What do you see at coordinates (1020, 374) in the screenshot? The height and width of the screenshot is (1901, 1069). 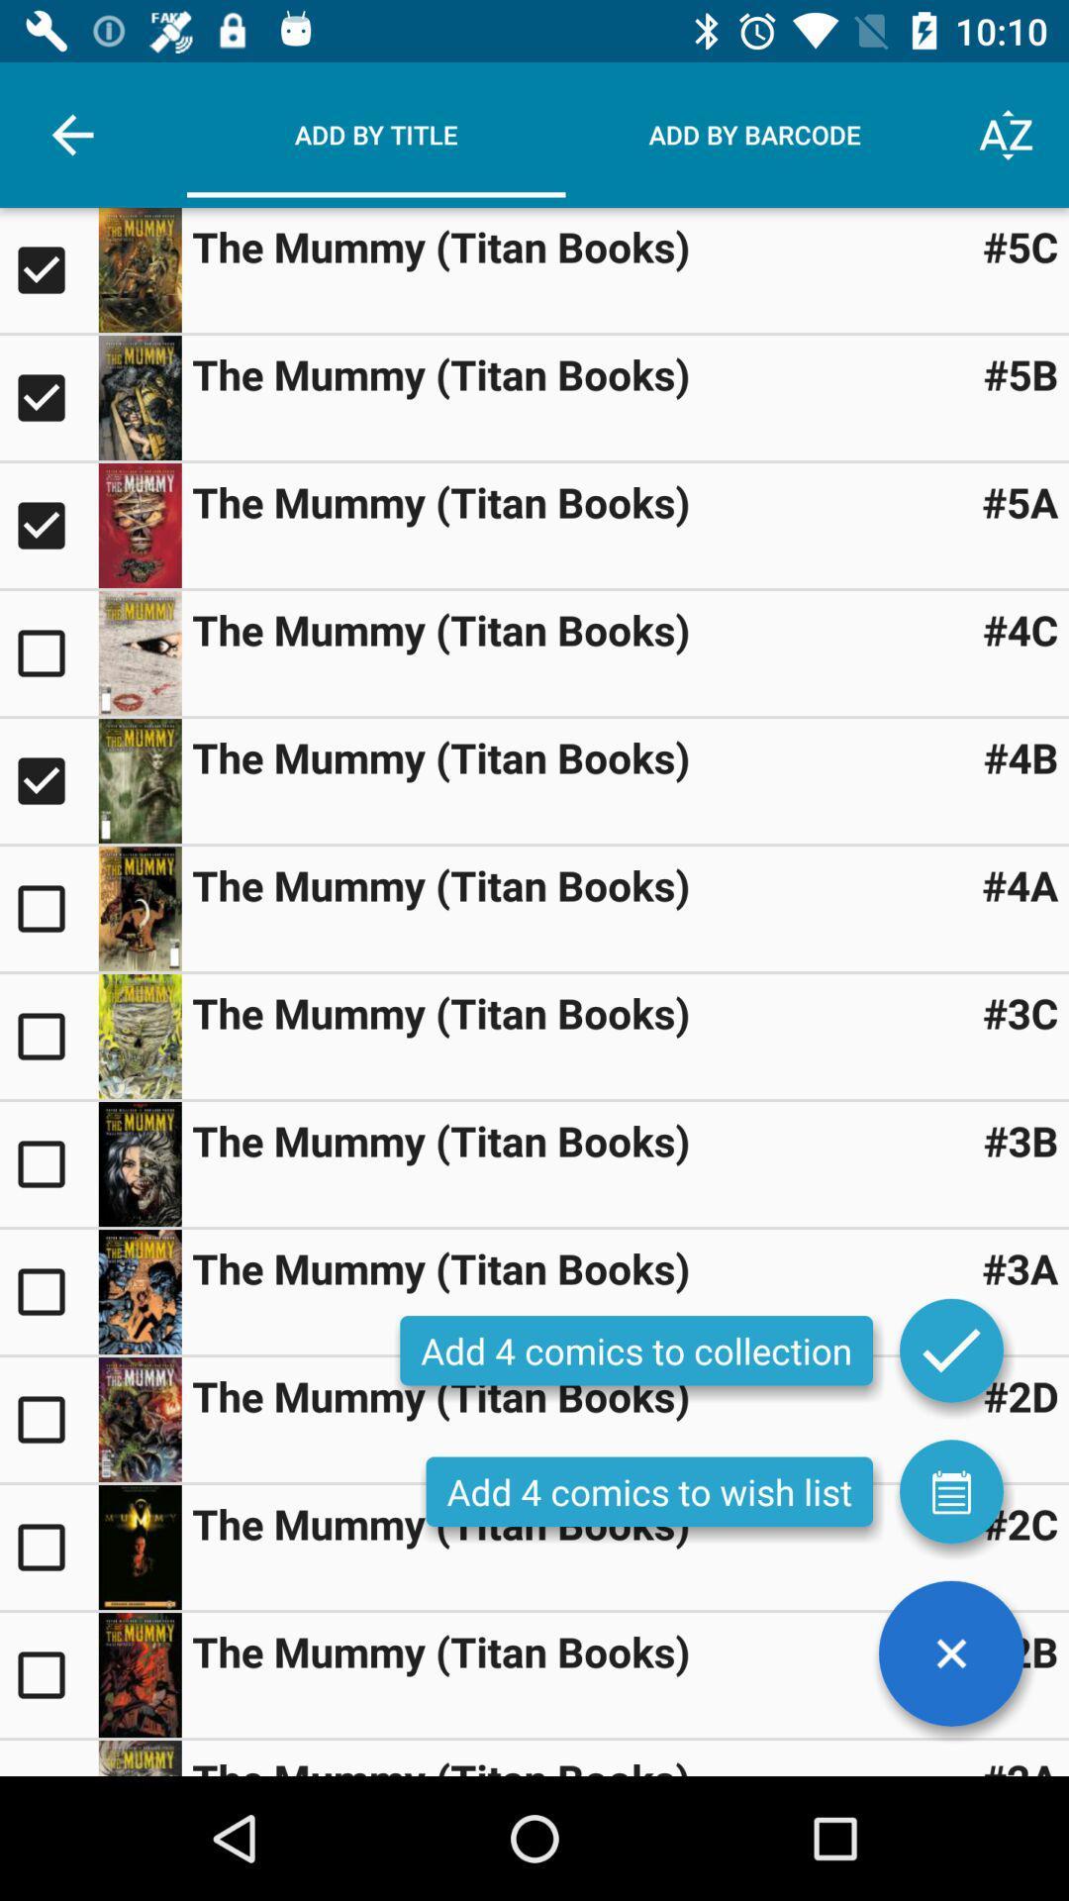 I see `icon to the right of the the mummy titan item` at bounding box center [1020, 374].